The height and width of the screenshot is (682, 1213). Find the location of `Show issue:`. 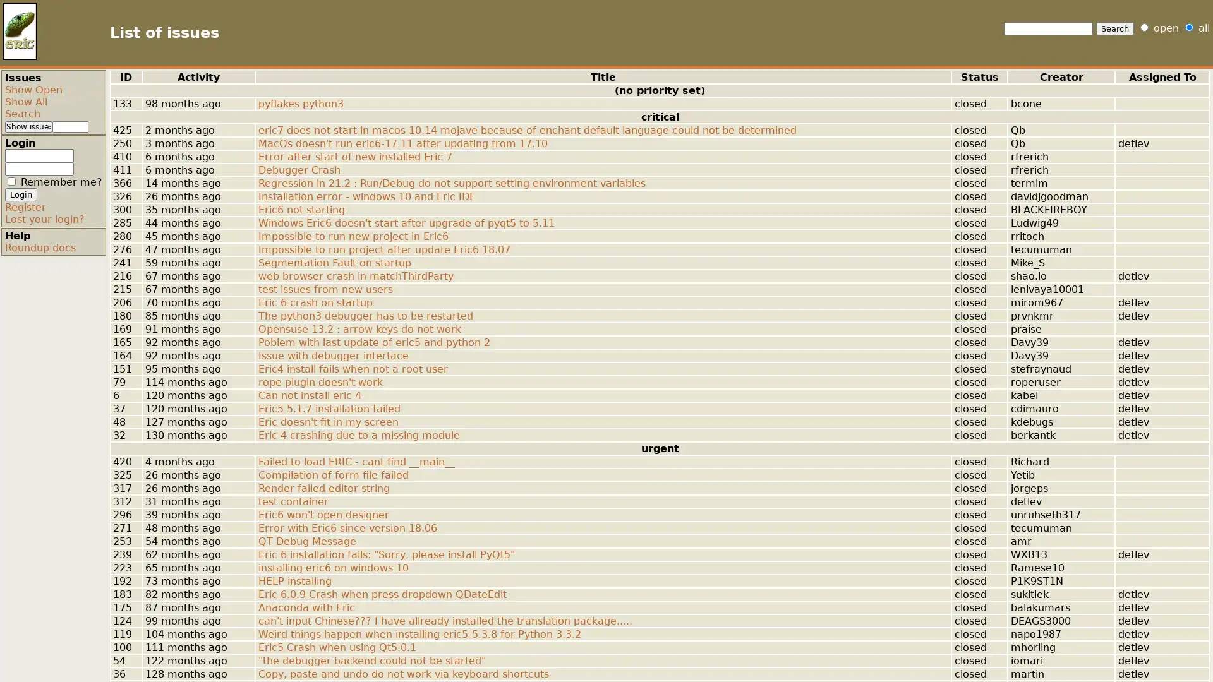

Show issue: is located at coordinates (28, 126).